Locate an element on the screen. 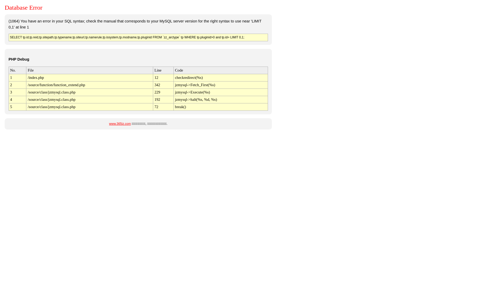 The width and height of the screenshot is (501, 282). 'www.365jz.com' is located at coordinates (109, 124).